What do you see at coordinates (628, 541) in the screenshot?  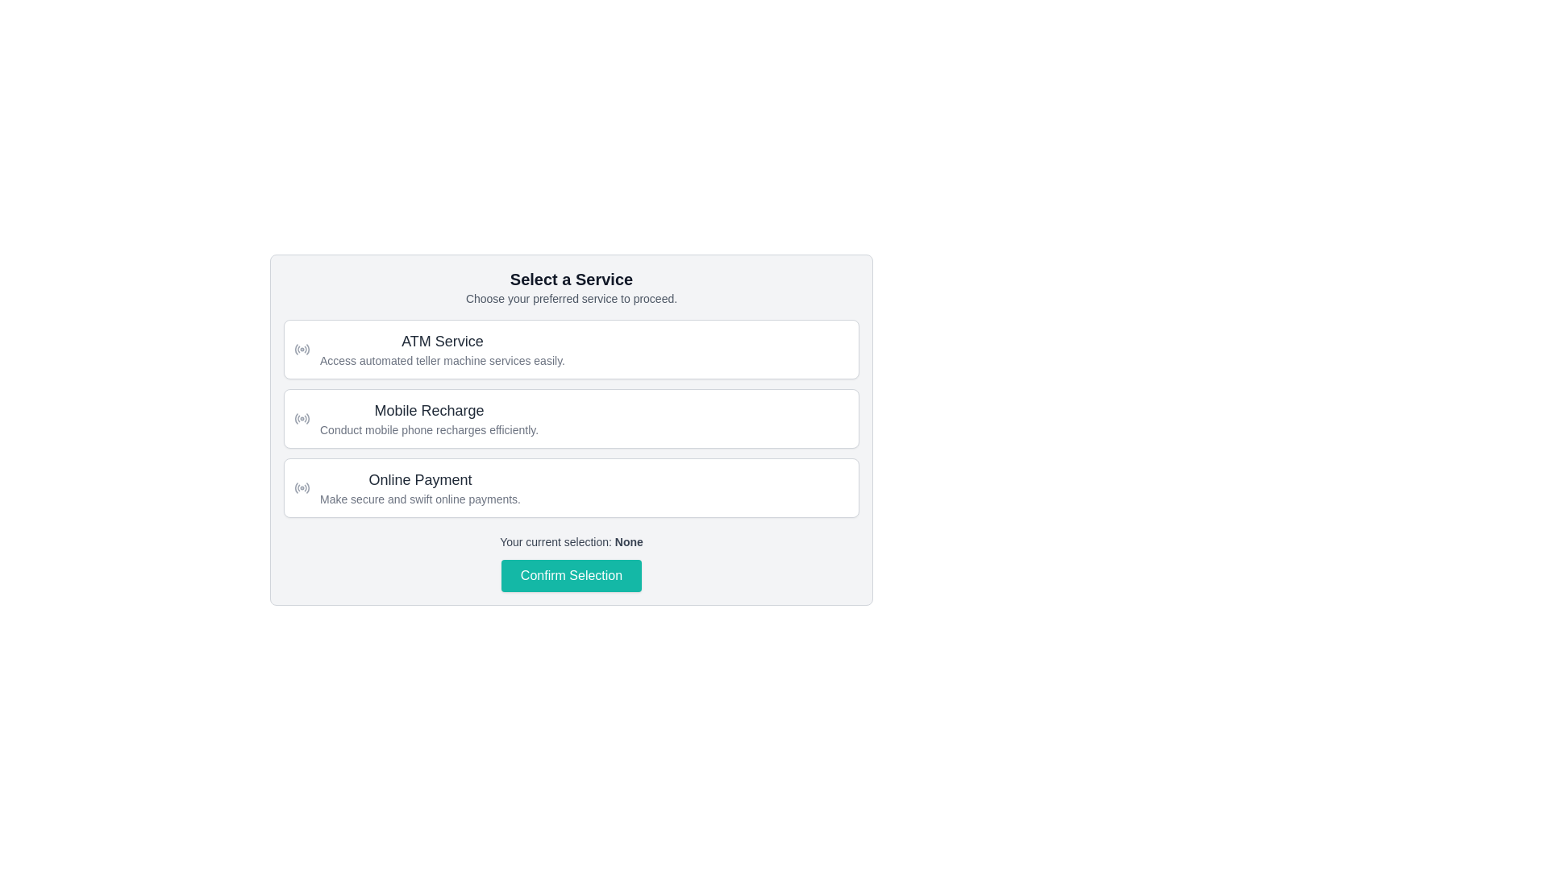 I see `the text label indicating the current selection status, which shows 'None' when no selection has been made, located at the bottom center of the user interface` at bounding box center [628, 541].